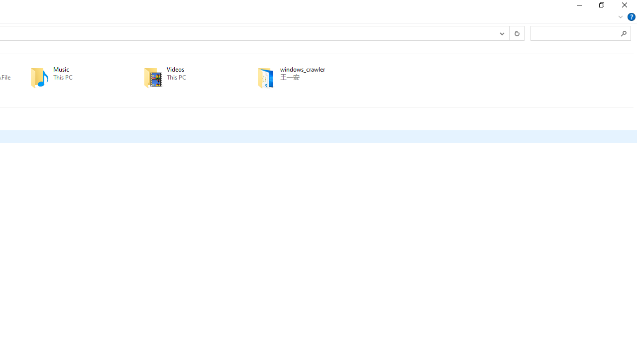  I want to click on 'Refresh "Quick access" (F5)', so click(517, 32).